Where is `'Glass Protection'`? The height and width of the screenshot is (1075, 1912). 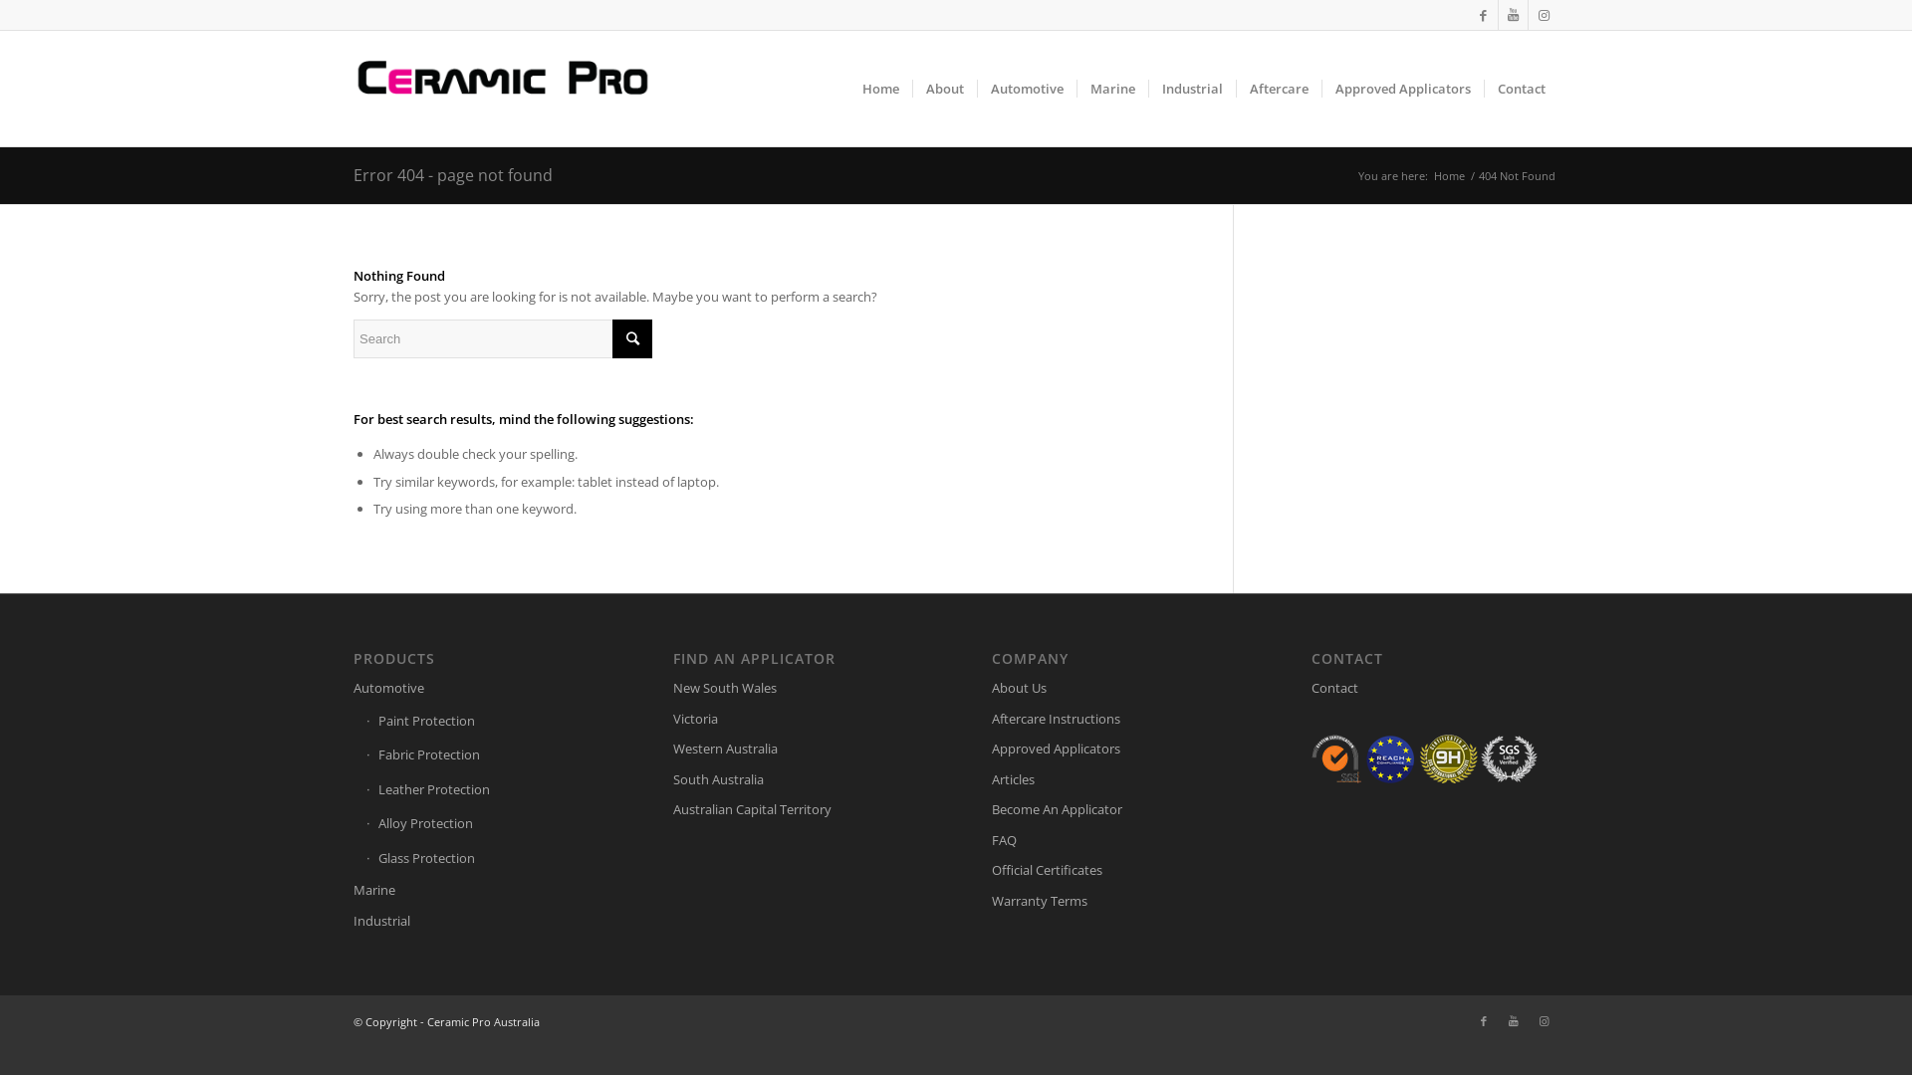 'Glass Protection' is located at coordinates (483, 858).